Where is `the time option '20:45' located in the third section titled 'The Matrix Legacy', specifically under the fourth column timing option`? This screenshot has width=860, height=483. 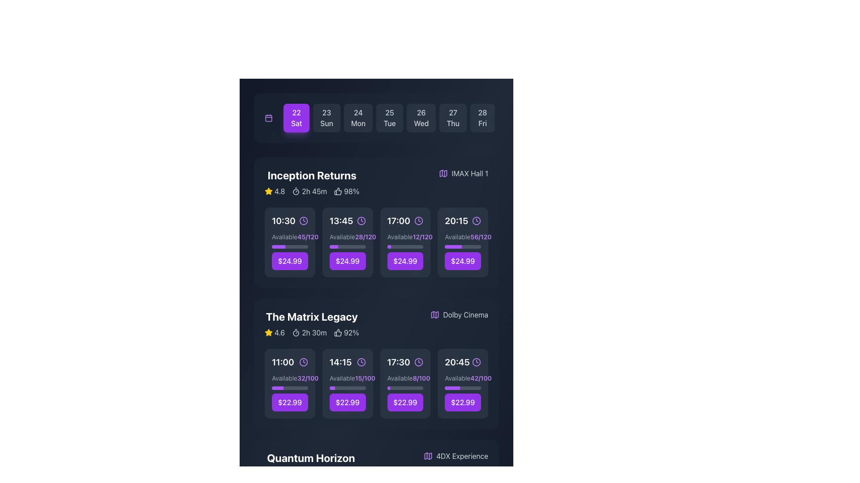
the time option '20:45' located in the third section titled 'The Matrix Legacy', specifically under the fourth column timing option is located at coordinates (457, 362).